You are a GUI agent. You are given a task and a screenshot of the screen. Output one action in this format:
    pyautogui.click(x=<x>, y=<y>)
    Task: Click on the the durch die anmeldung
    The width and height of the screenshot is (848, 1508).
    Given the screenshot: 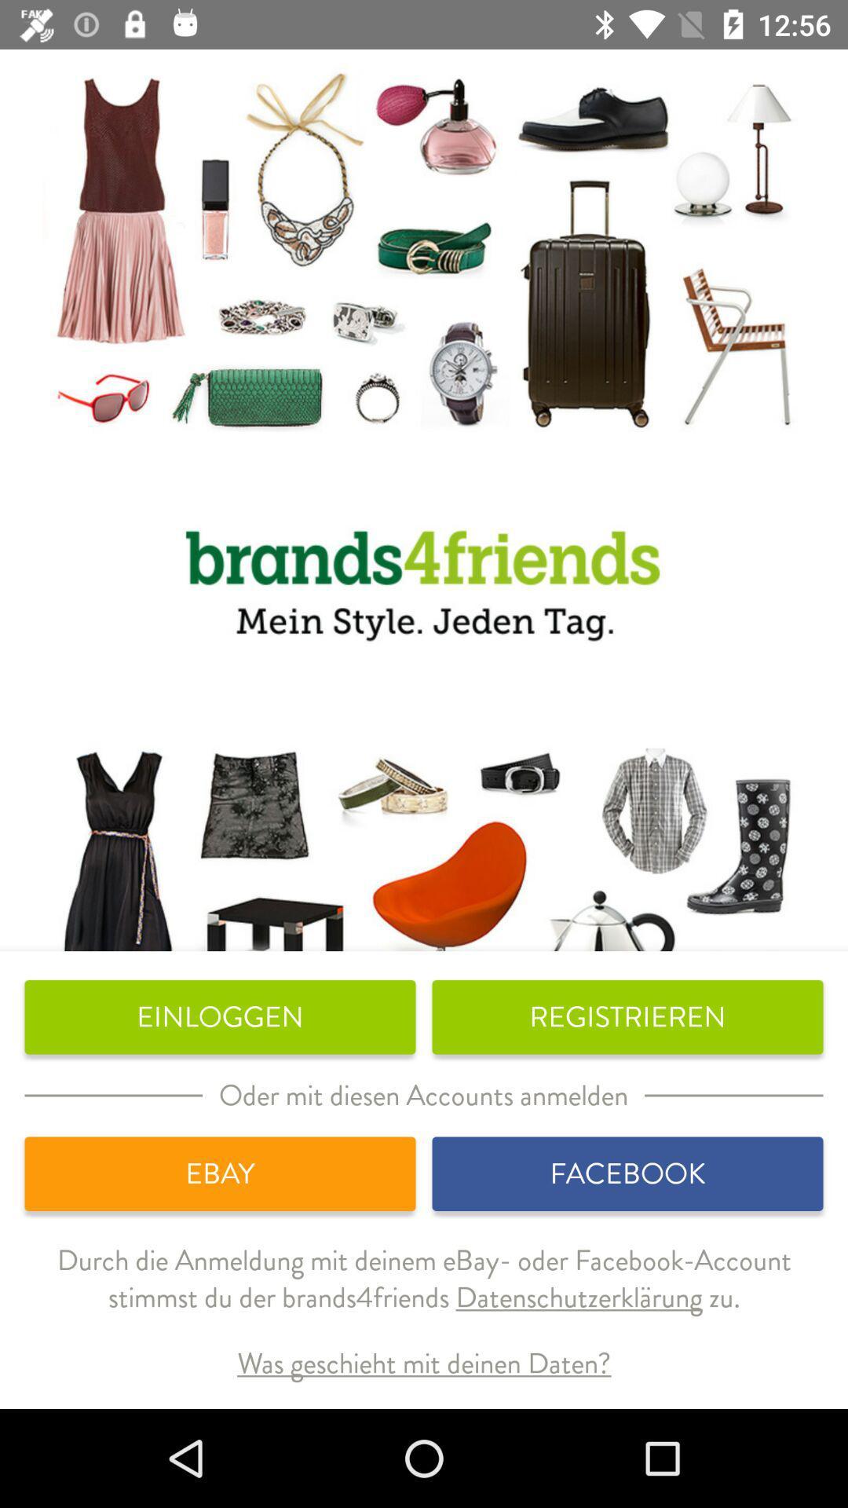 What is the action you would take?
    pyautogui.click(x=424, y=1291)
    